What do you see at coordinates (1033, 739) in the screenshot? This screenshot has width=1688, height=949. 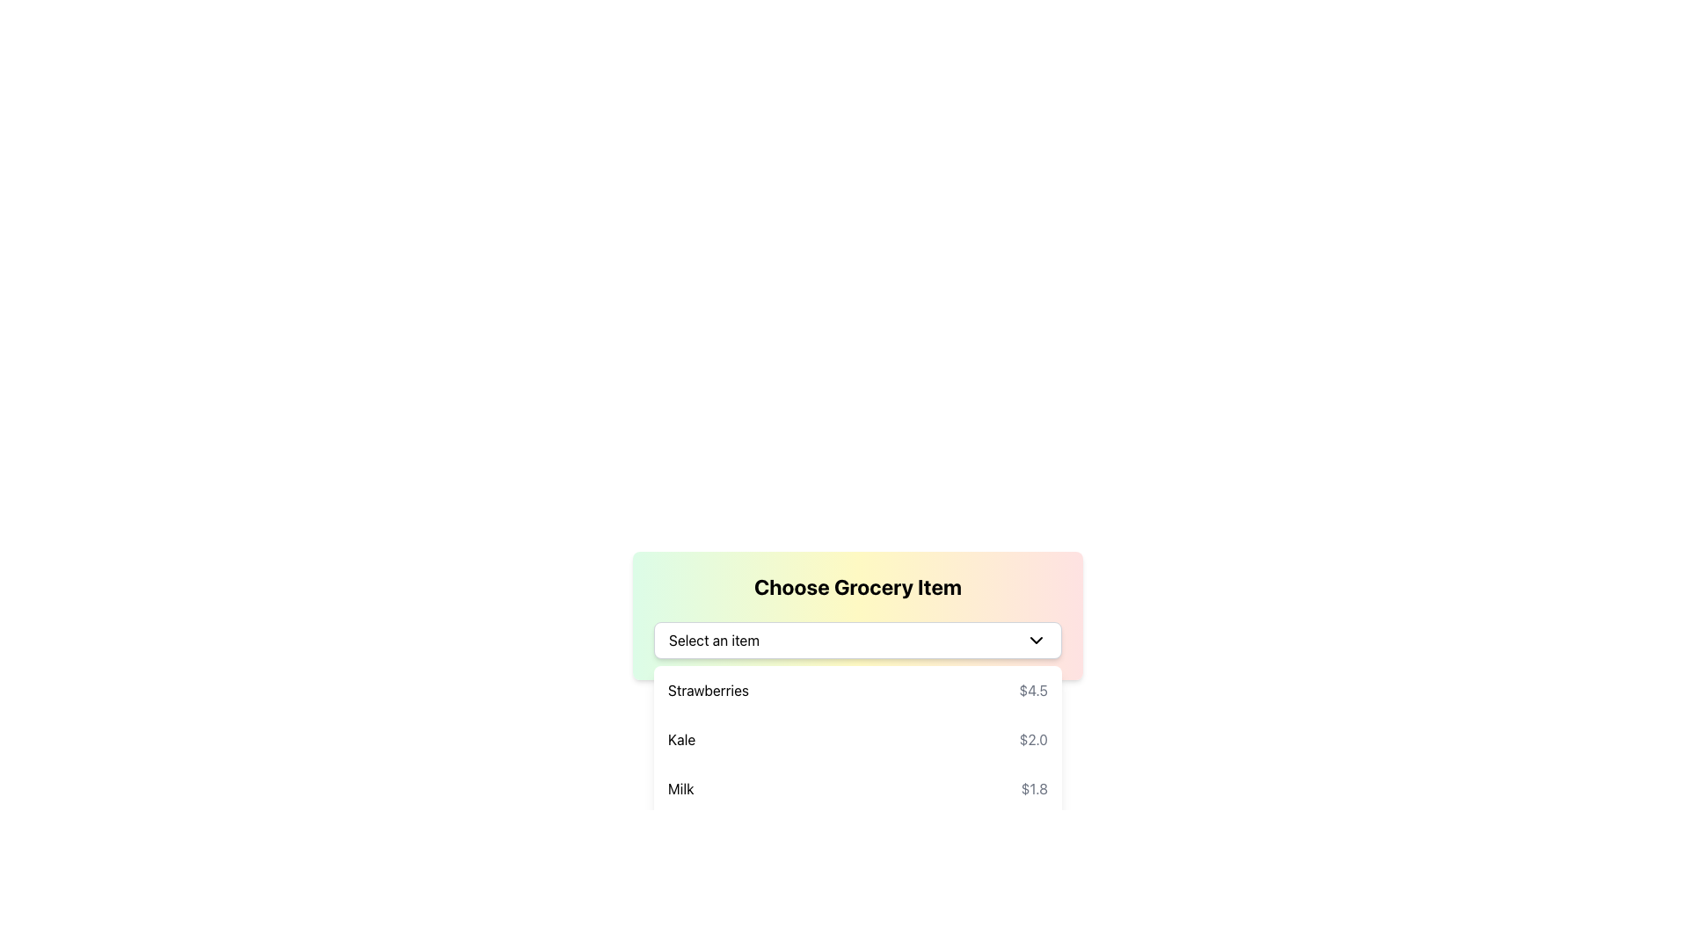 I see `the price label displaying '$2.0' in gray font, located to the right of the text 'Kale' in the 'Choose Grocery Item' section` at bounding box center [1033, 739].